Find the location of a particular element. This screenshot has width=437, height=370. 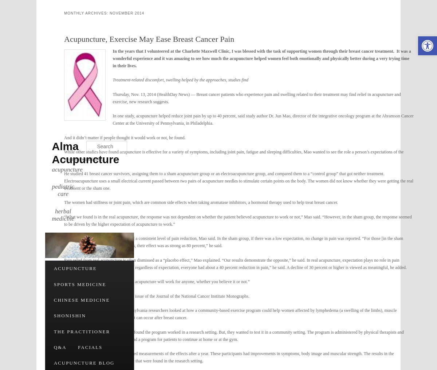

'Acupuncture, Exercise May Ease Breast Cancer Pain' is located at coordinates (149, 39).